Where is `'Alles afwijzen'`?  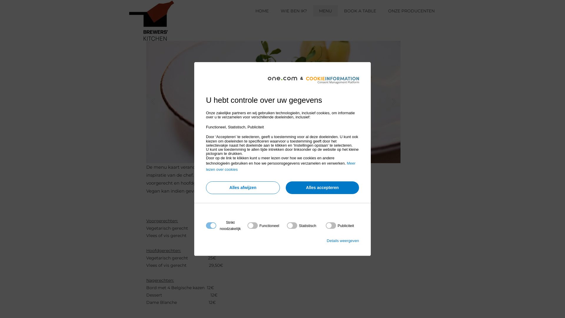 'Alles afwijzen' is located at coordinates (243, 188).